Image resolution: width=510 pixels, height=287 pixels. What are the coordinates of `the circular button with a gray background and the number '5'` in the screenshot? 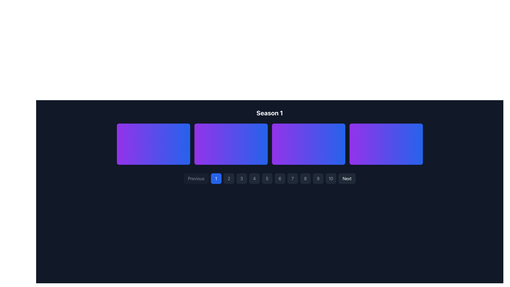 It's located at (267, 179).